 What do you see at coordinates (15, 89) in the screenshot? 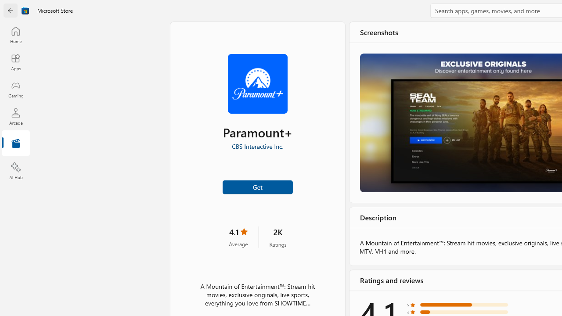
I see `'Gaming'` at bounding box center [15, 89].